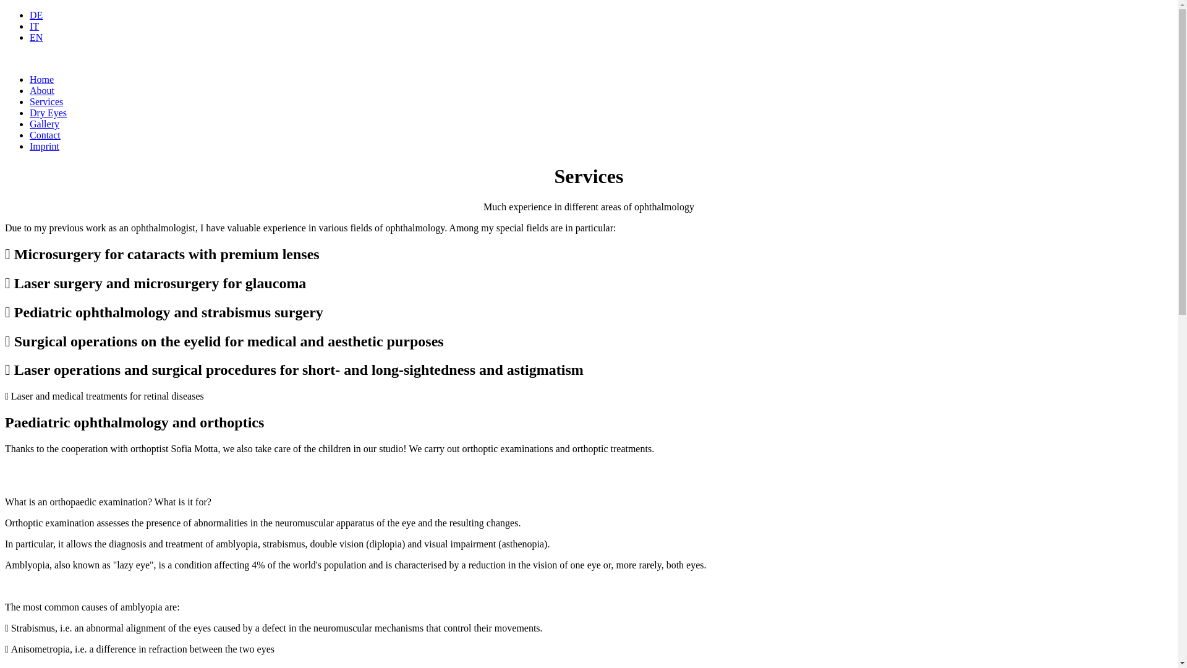  I want to click on 'Services', so click(46, 101).